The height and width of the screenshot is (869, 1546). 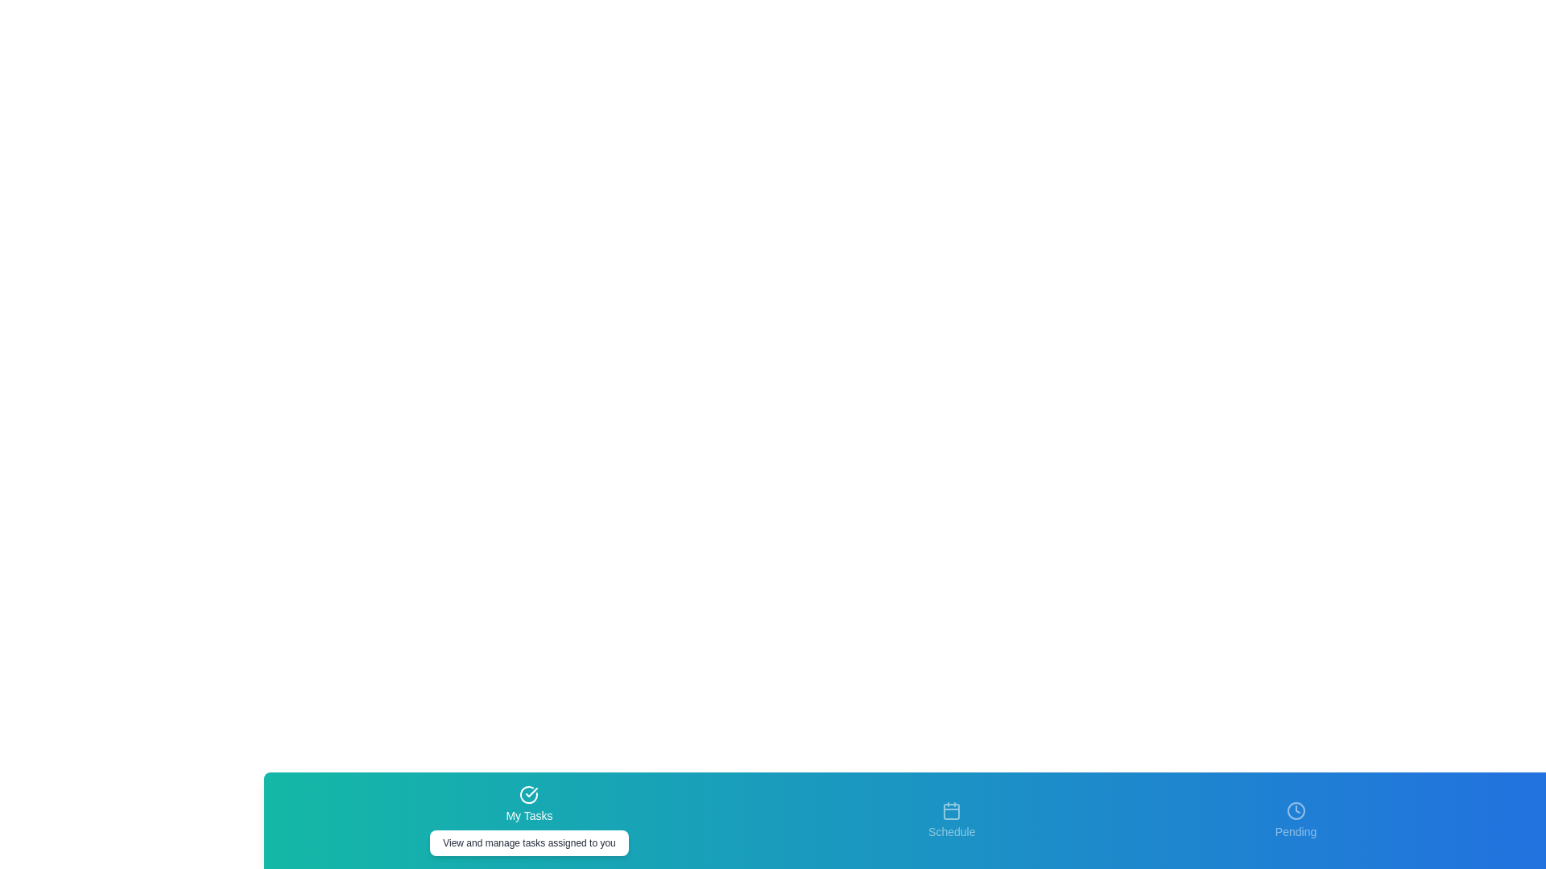 What do you see at coordinates (1295, 820) in the screenshot?
I see `the tab labeled Pending to see its hover effect` at bounding box center [1295, 820].